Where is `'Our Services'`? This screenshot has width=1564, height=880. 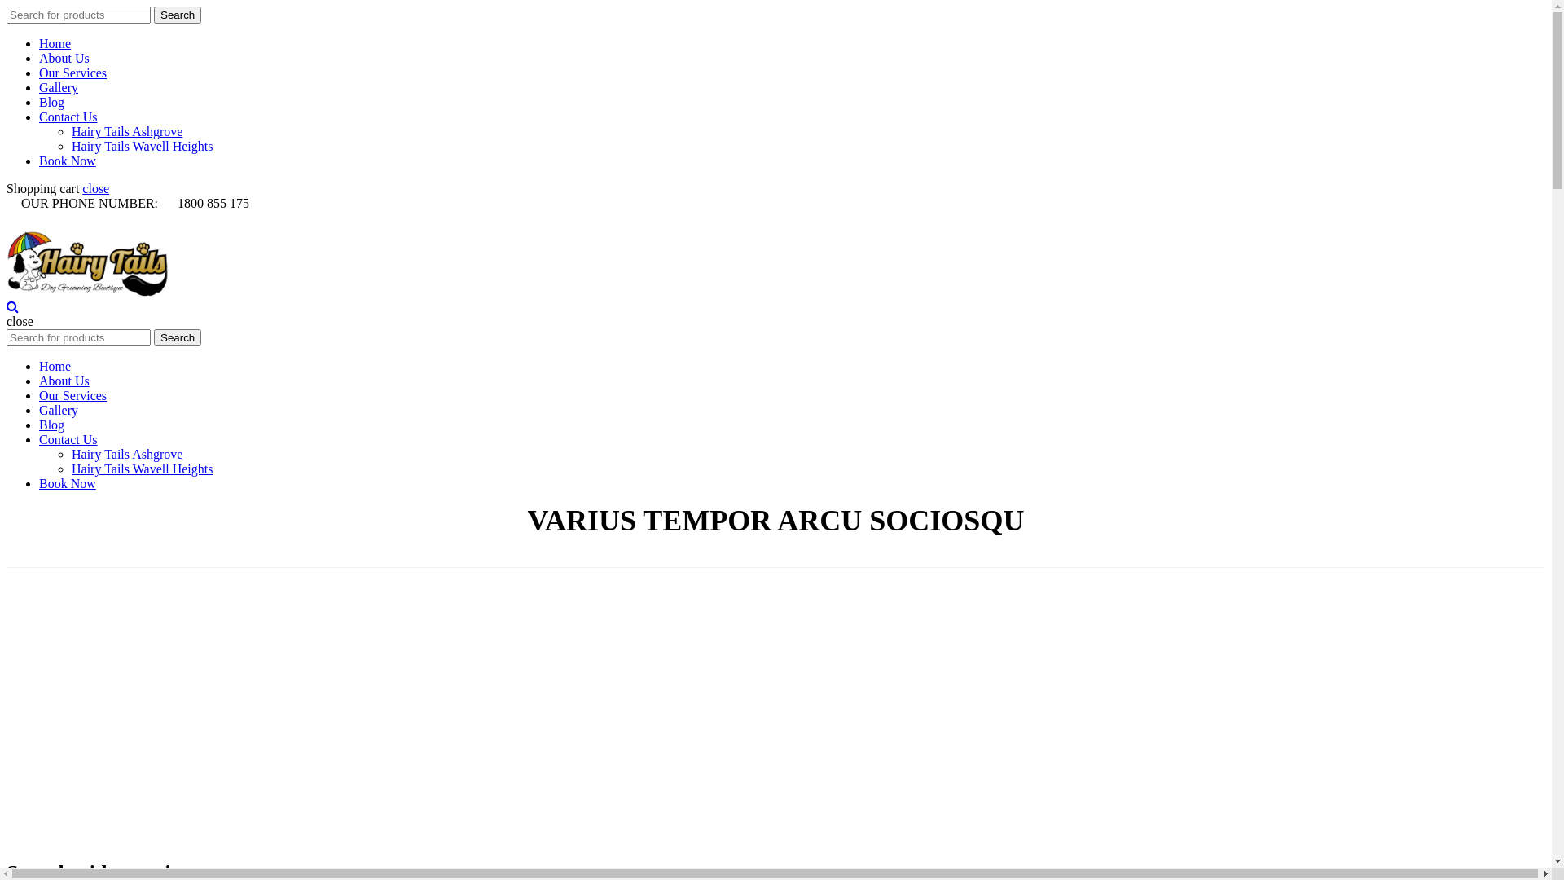
'Our Services' is located at coordinates (39, 72).